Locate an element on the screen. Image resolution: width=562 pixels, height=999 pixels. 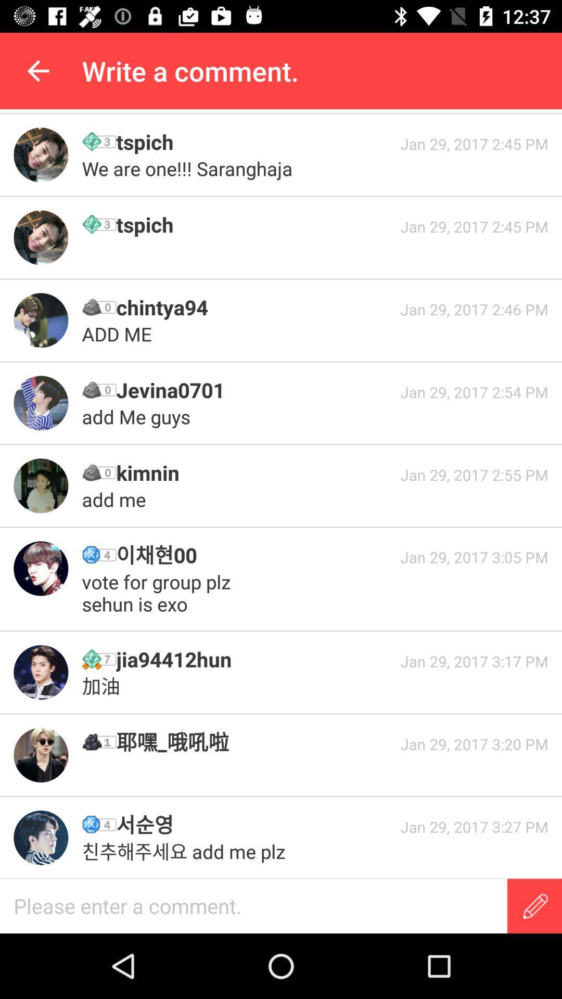
profile is located at coordinates (40, 672).